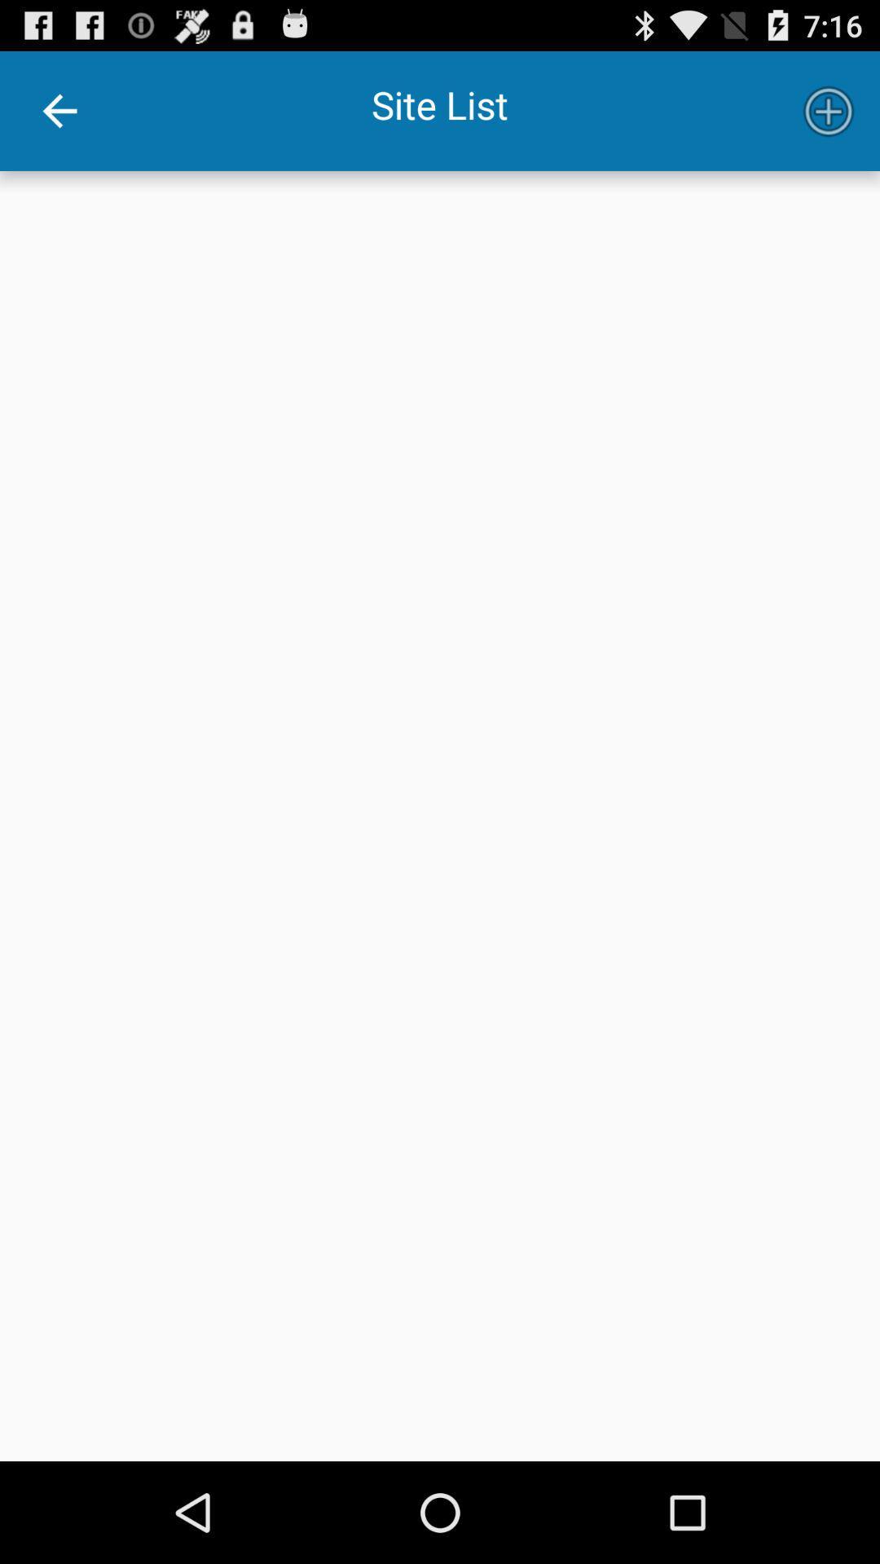 This screenshot has width=880, height=1564. What do you see at coordinates (829, 110) in the screenshot?
I see `the icon at the top right corner` at bounding box center [829, 110].